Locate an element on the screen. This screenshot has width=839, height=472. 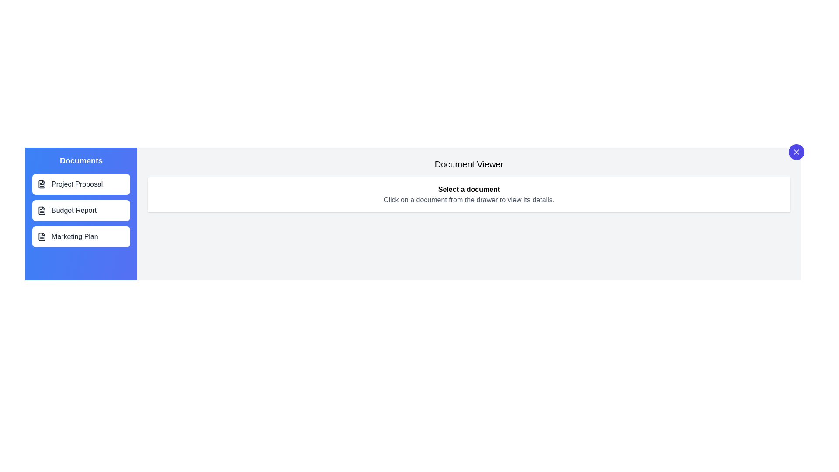
the document titled Project Proposal in the drawer is located at coordinates (81, 184).